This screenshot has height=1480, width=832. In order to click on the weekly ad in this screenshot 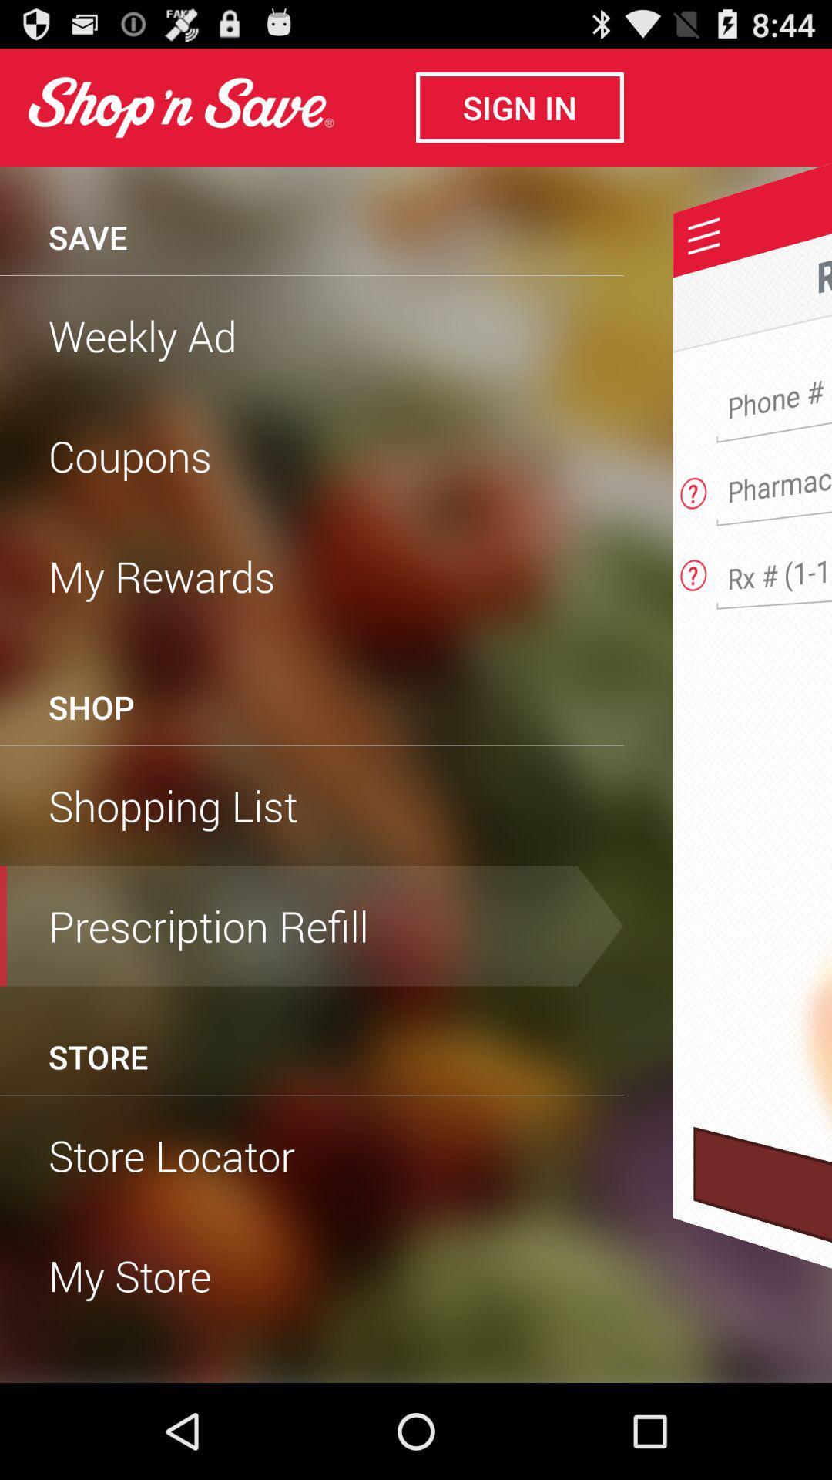, I will do `click(312, 335)`.